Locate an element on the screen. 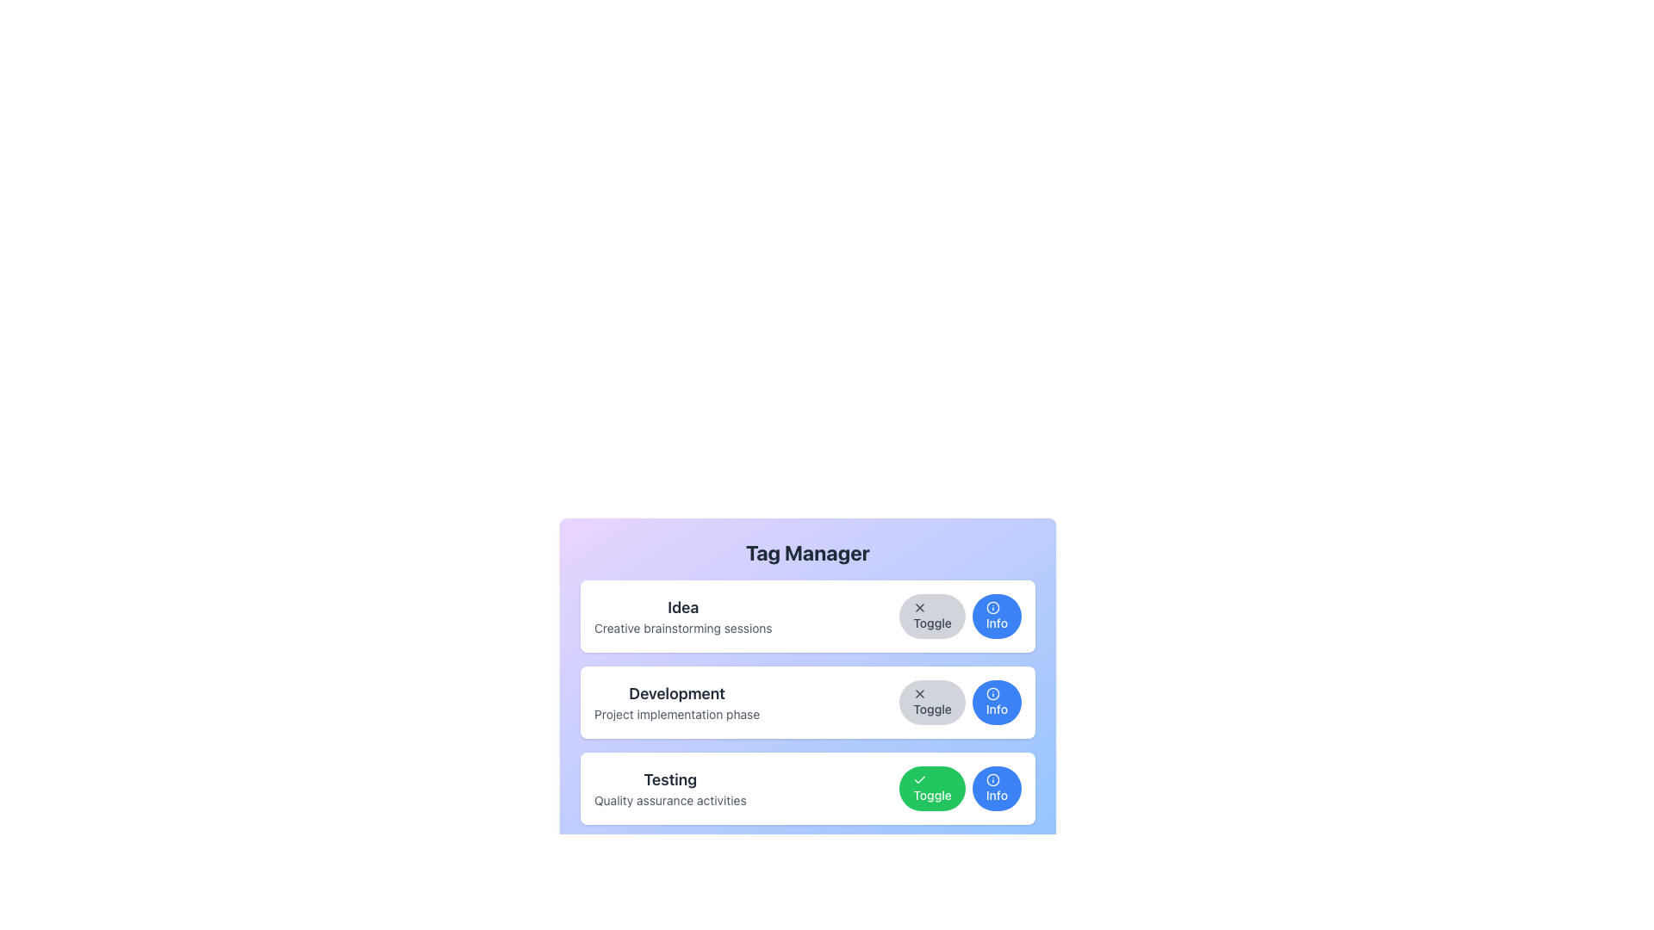 This screenshot has width=1654, height=930. the 'Toggle' button with a gray background and darker gray text, which is the first button in the 'Toggle Info' group within the 'Tag Manager' card is located at coordinates (931, 703).